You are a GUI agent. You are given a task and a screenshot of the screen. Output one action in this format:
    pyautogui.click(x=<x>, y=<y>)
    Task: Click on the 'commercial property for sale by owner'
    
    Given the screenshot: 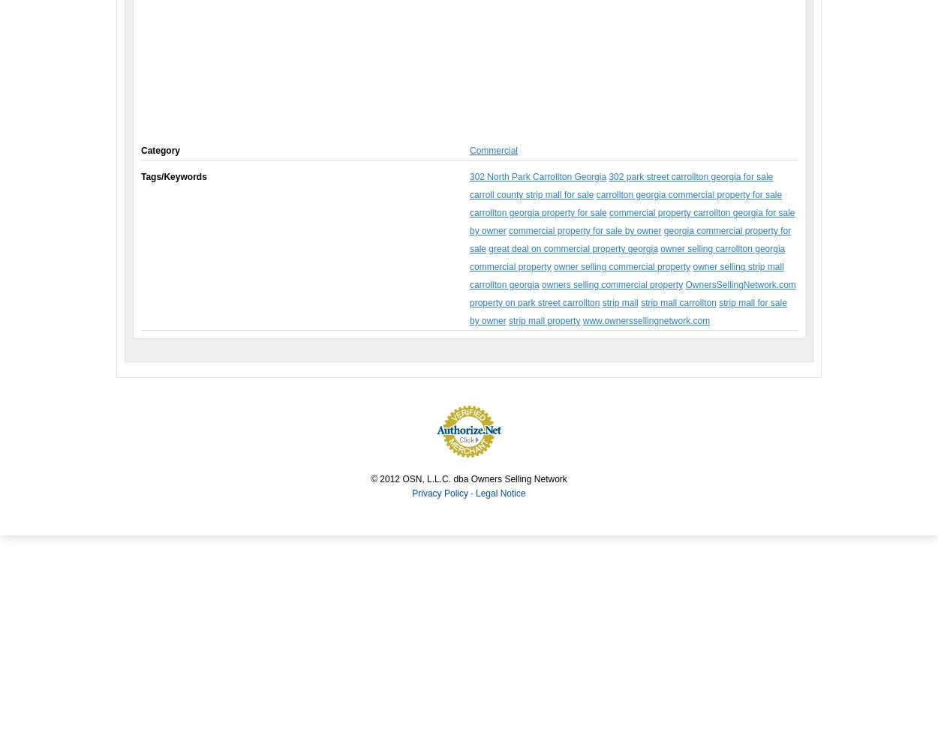 What is the action you would take?
    pyautogui.click(x=585, y=231)
    